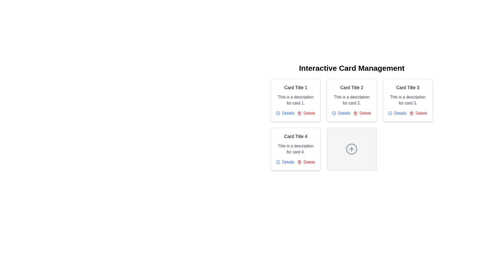 The height and width of the screenshot is (272, 484). What do you see at coordinates (285, 162) in the screenshot?
I see `the blue-colored text hyperlink labeled 'Details' located to the left of the 'Delete' button` at bounding box center [285, 162].